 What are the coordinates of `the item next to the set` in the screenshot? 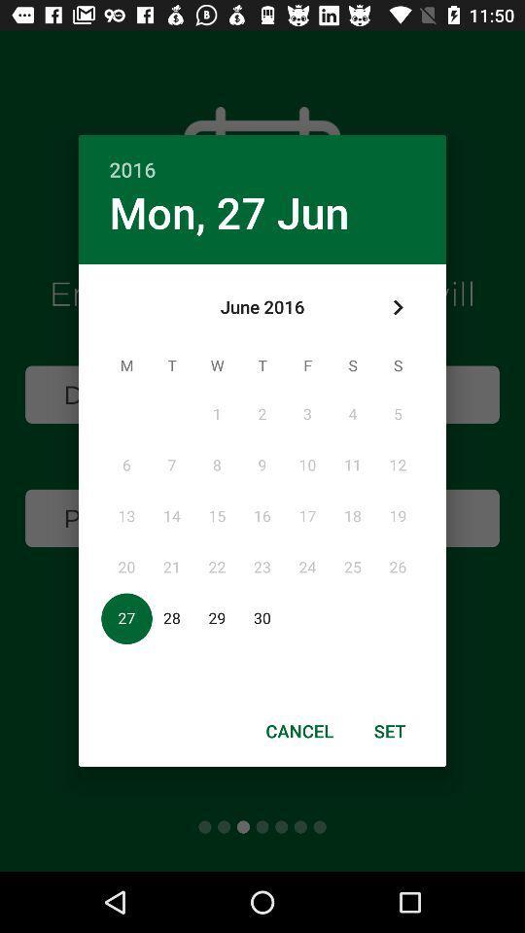 It's located at (299, 730).